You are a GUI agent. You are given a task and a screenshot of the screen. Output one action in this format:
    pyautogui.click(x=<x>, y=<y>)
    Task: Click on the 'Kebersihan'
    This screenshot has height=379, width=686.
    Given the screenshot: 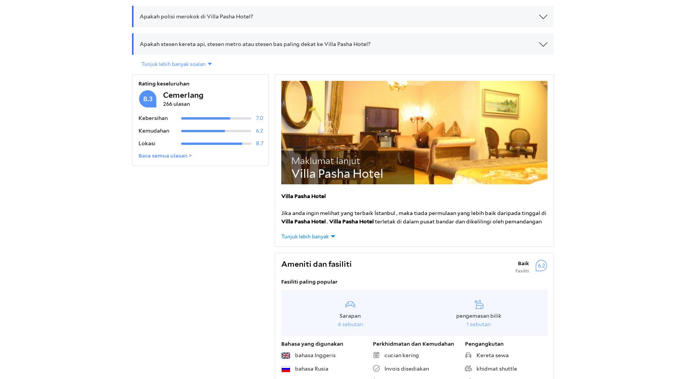 What is the action you would take?
    pyautogui.click(x=153, y=118)
    